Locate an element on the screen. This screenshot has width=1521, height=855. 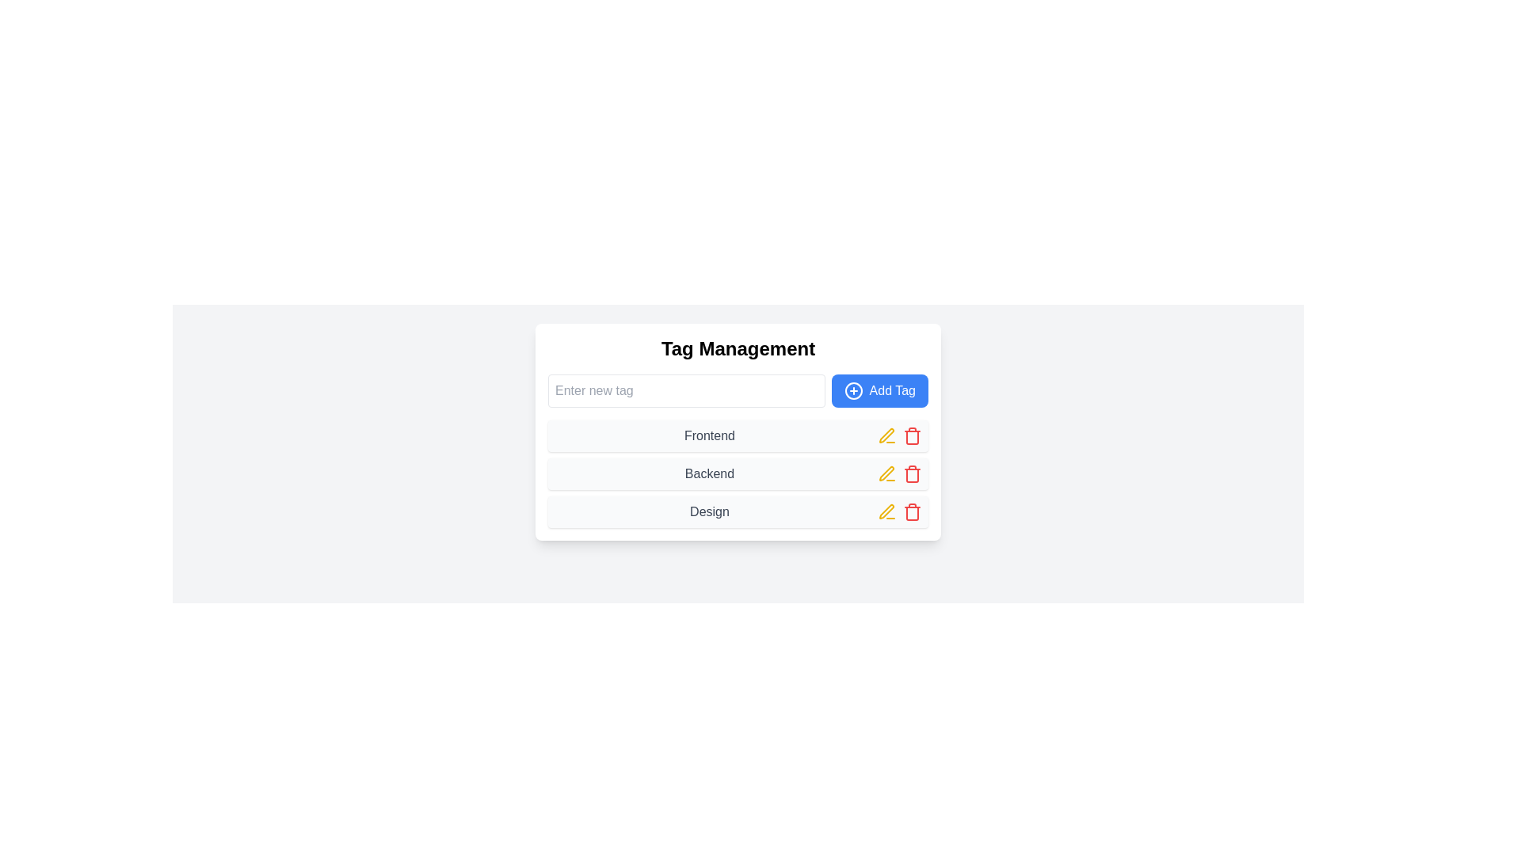
the circular graphical element representing the 'Add Tag' button in the 'Tag Management' interface to interact is located at coordinates (852, 390).